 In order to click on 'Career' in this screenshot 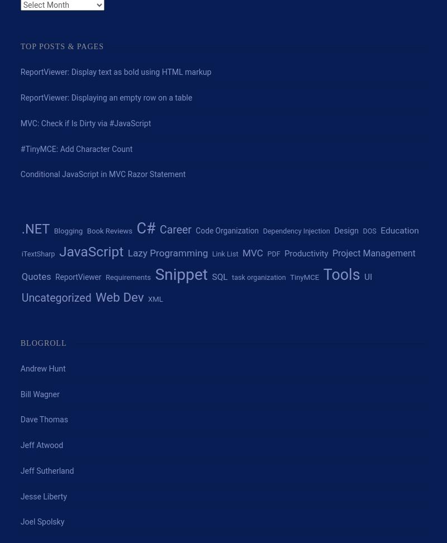, I will do `click(175, 230)`.